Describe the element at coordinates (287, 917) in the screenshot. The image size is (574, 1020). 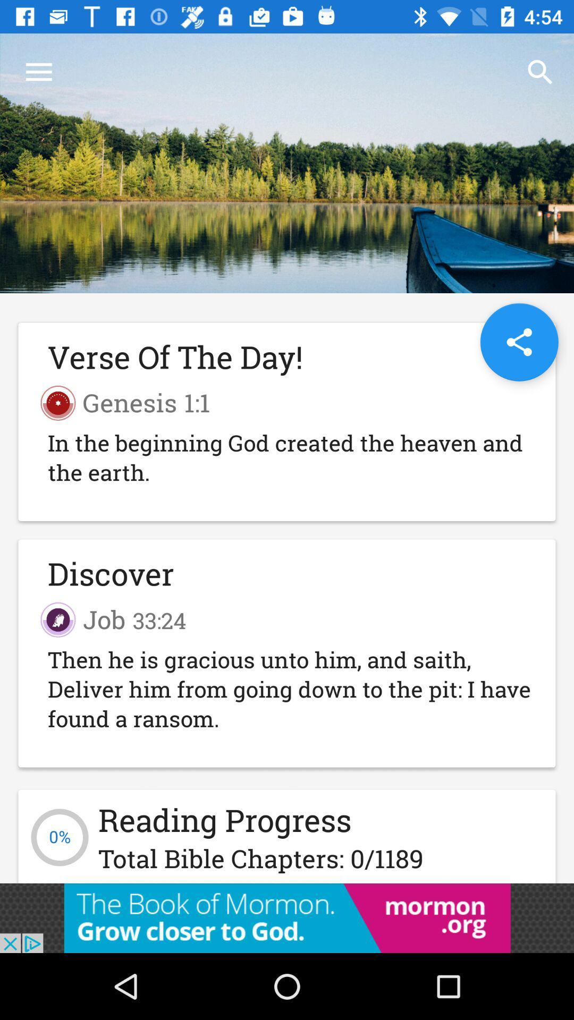
I see `open the advertisement link` at that location.